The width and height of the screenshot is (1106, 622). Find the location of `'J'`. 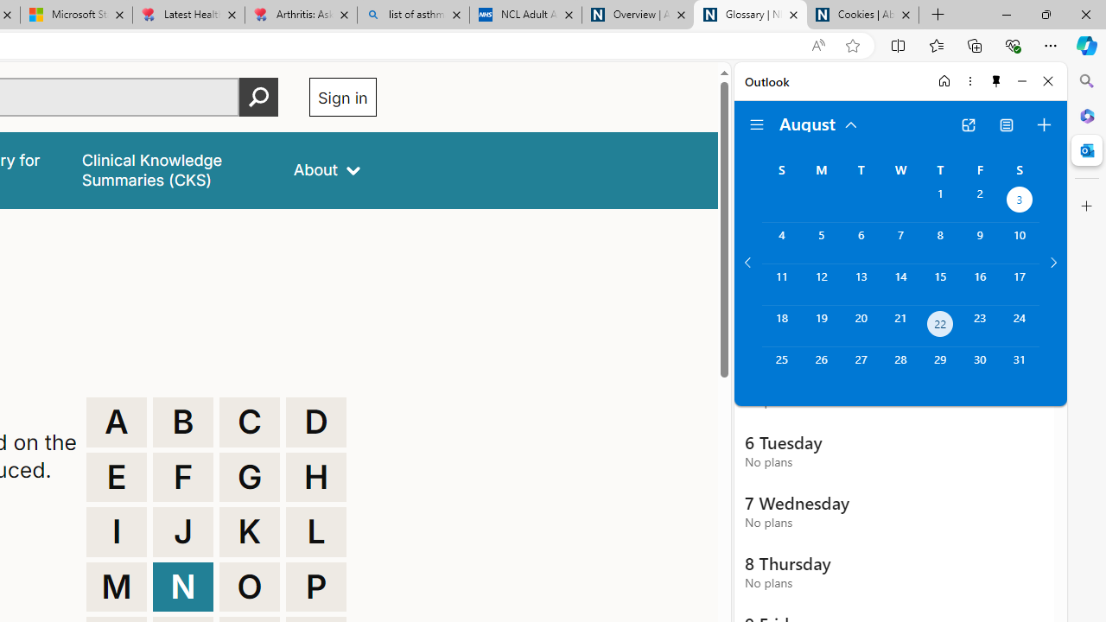

'J' is located at coordinates (183, 530).